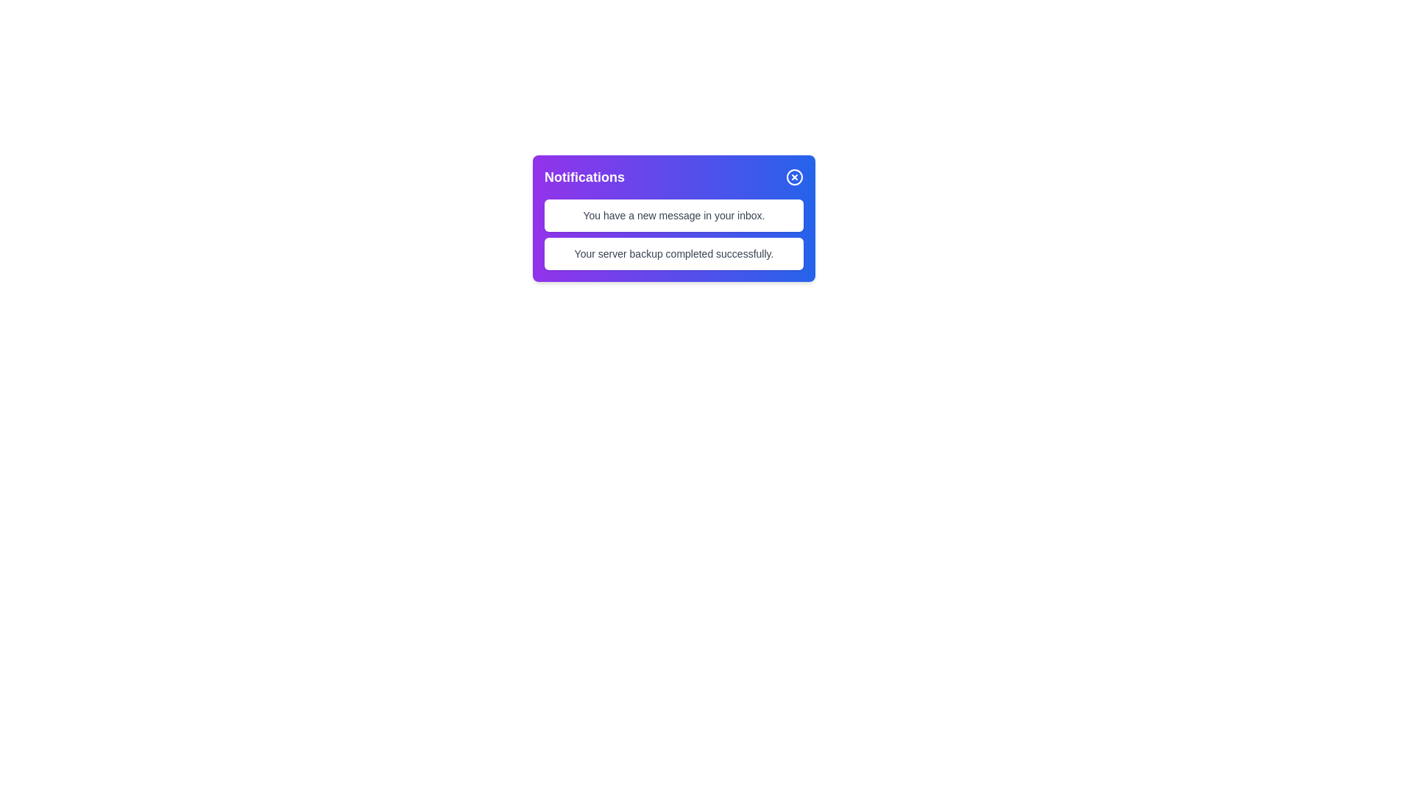 This screenshot has height=795, width=1413. What do you see at coordinates (794, 176) in the screenshot?
I see `the circular button with a red 'X' icon in the top-right corner of the notification card` at bounding box center [794, 176].